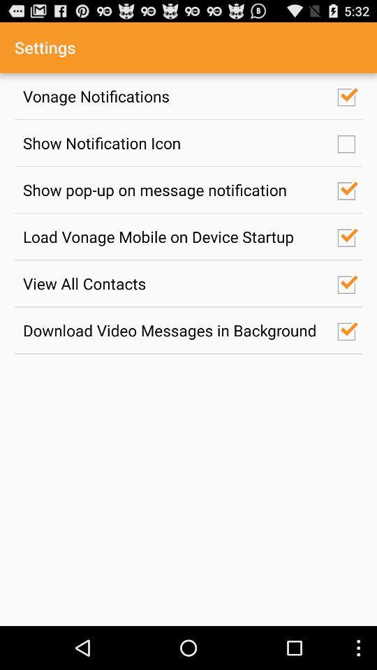  Describe the element at coordinates (172, 283) in the screenshot. I see `the icon below the load vonage mobile icon` at that location.